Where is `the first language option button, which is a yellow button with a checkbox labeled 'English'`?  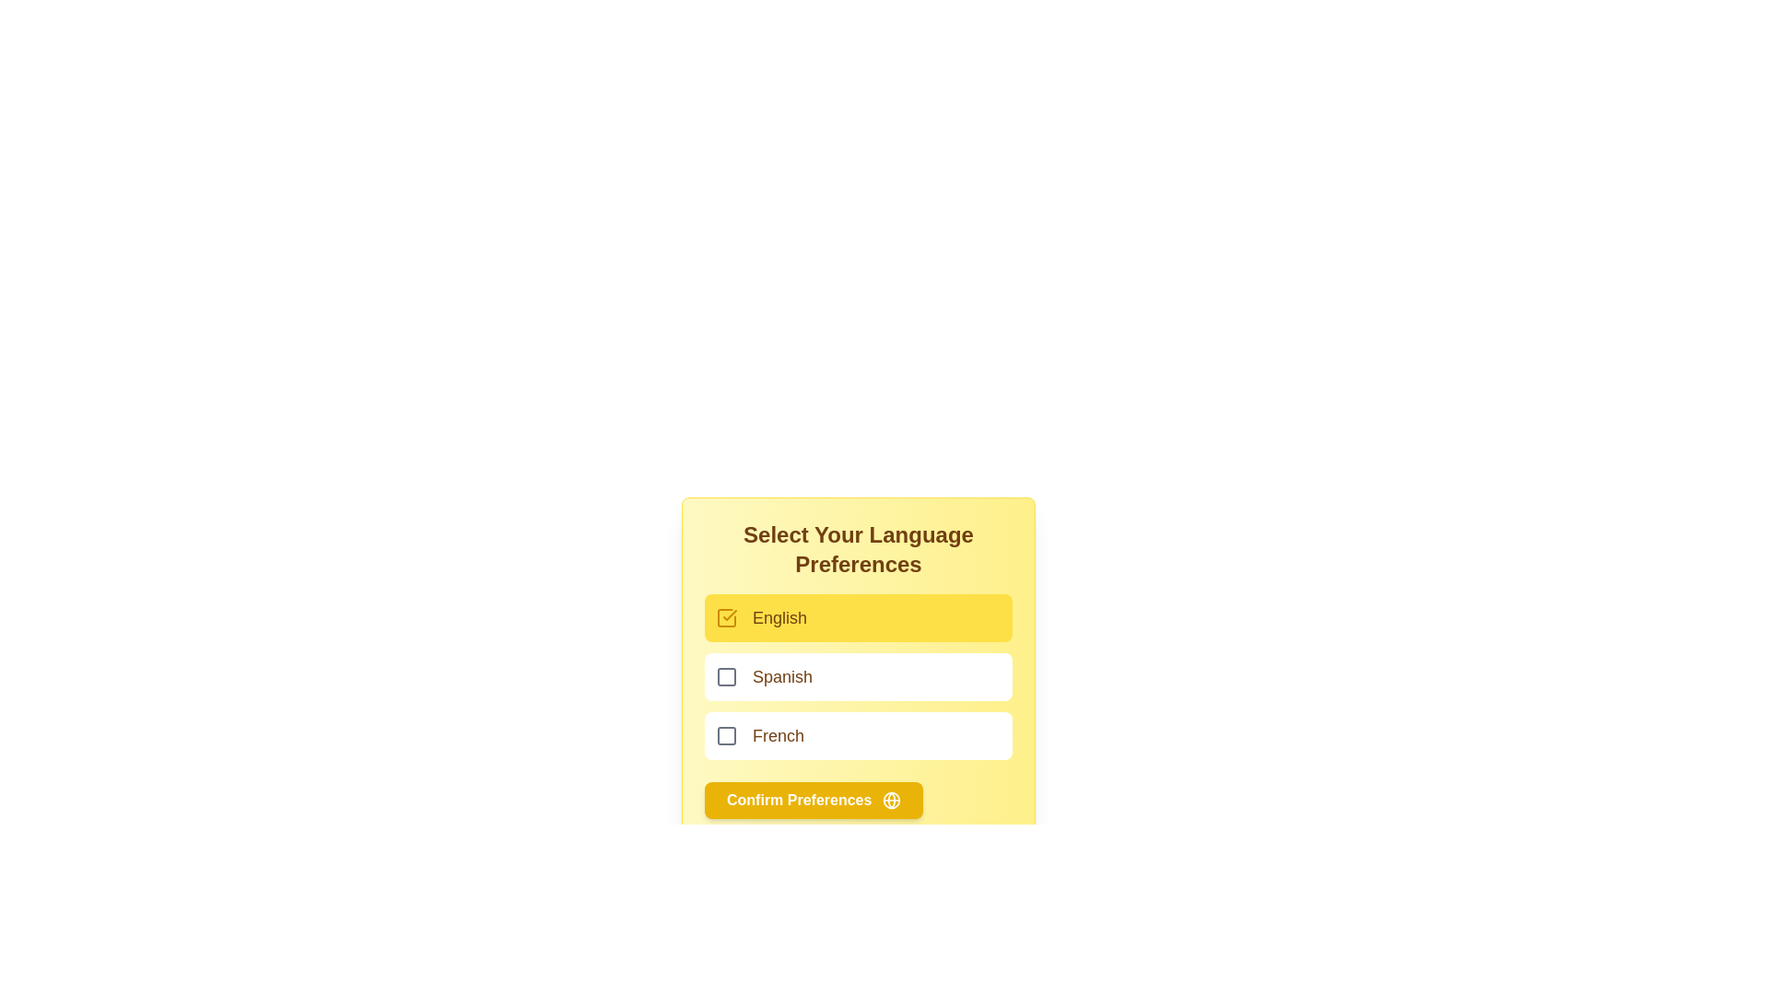 the first language option button, which is a yellow button with a checkbox labeled 'English' is located at coordinates (857, 618).